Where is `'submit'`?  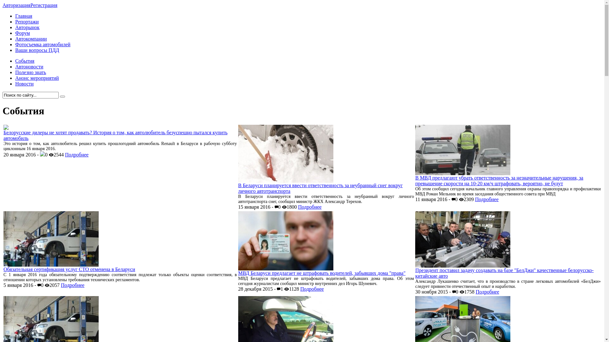 'submit' is located at coordinates (62, 96).